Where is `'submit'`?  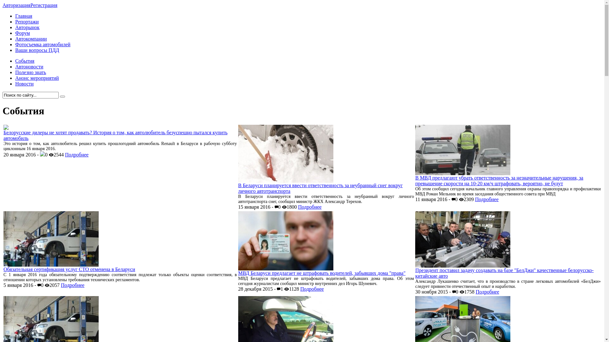 'submit' is located at coordinates (62, 96).